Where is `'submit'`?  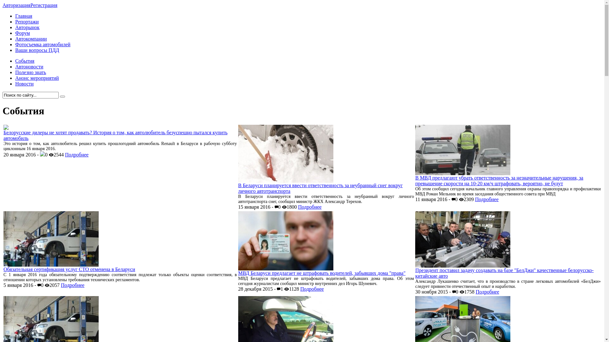 'submit' is located at coordinates (62, 96).